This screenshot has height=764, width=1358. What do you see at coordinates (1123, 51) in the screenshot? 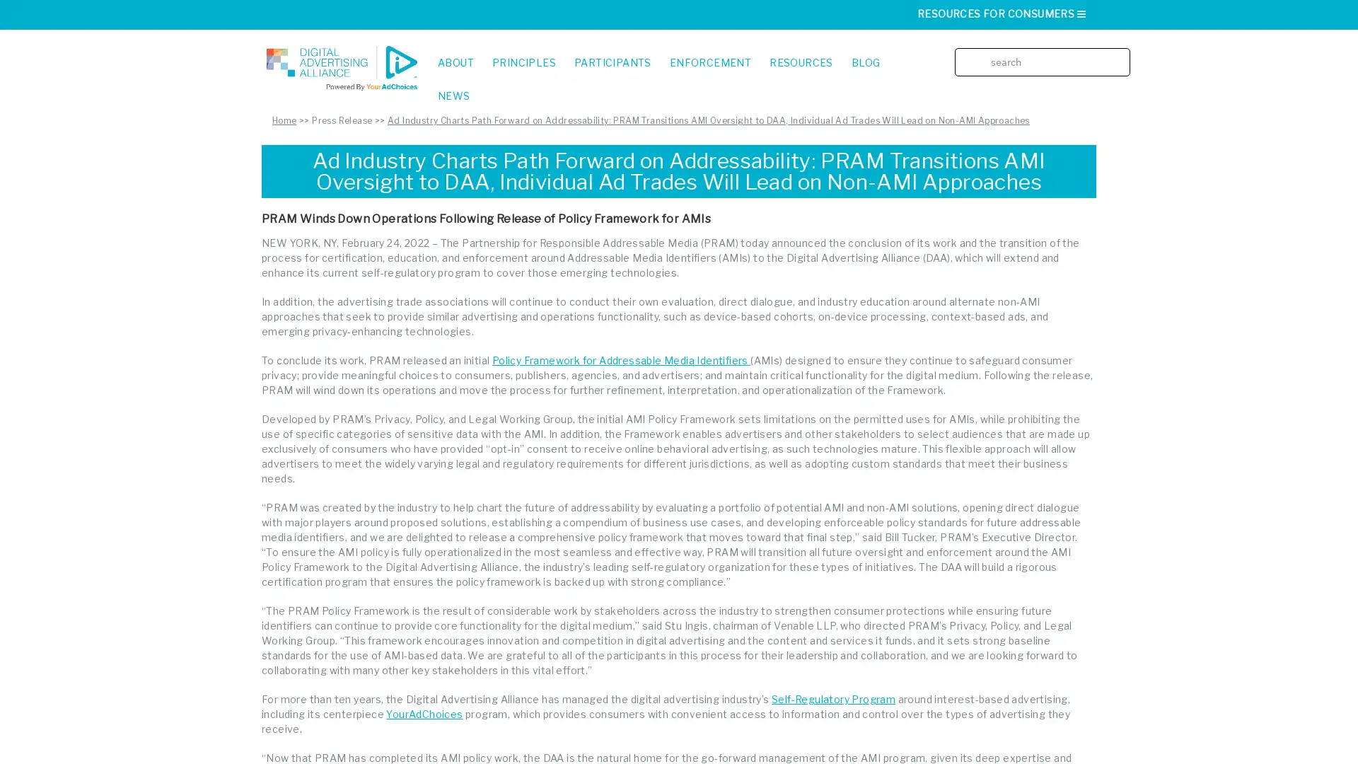
I see `Search` at bounding box center [1123, 51].